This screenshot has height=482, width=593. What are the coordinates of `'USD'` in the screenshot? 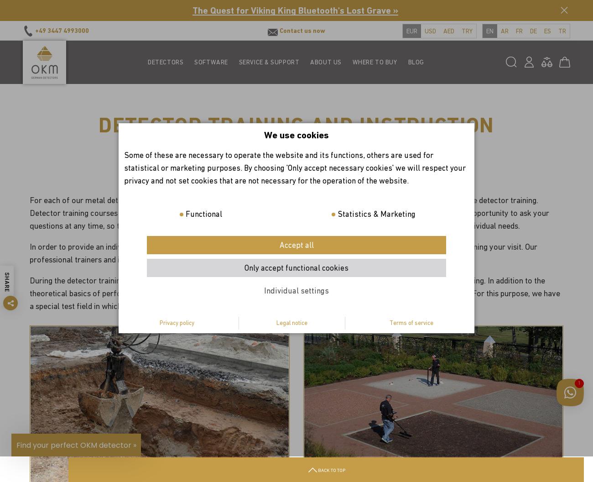 It's located at (430, 31).